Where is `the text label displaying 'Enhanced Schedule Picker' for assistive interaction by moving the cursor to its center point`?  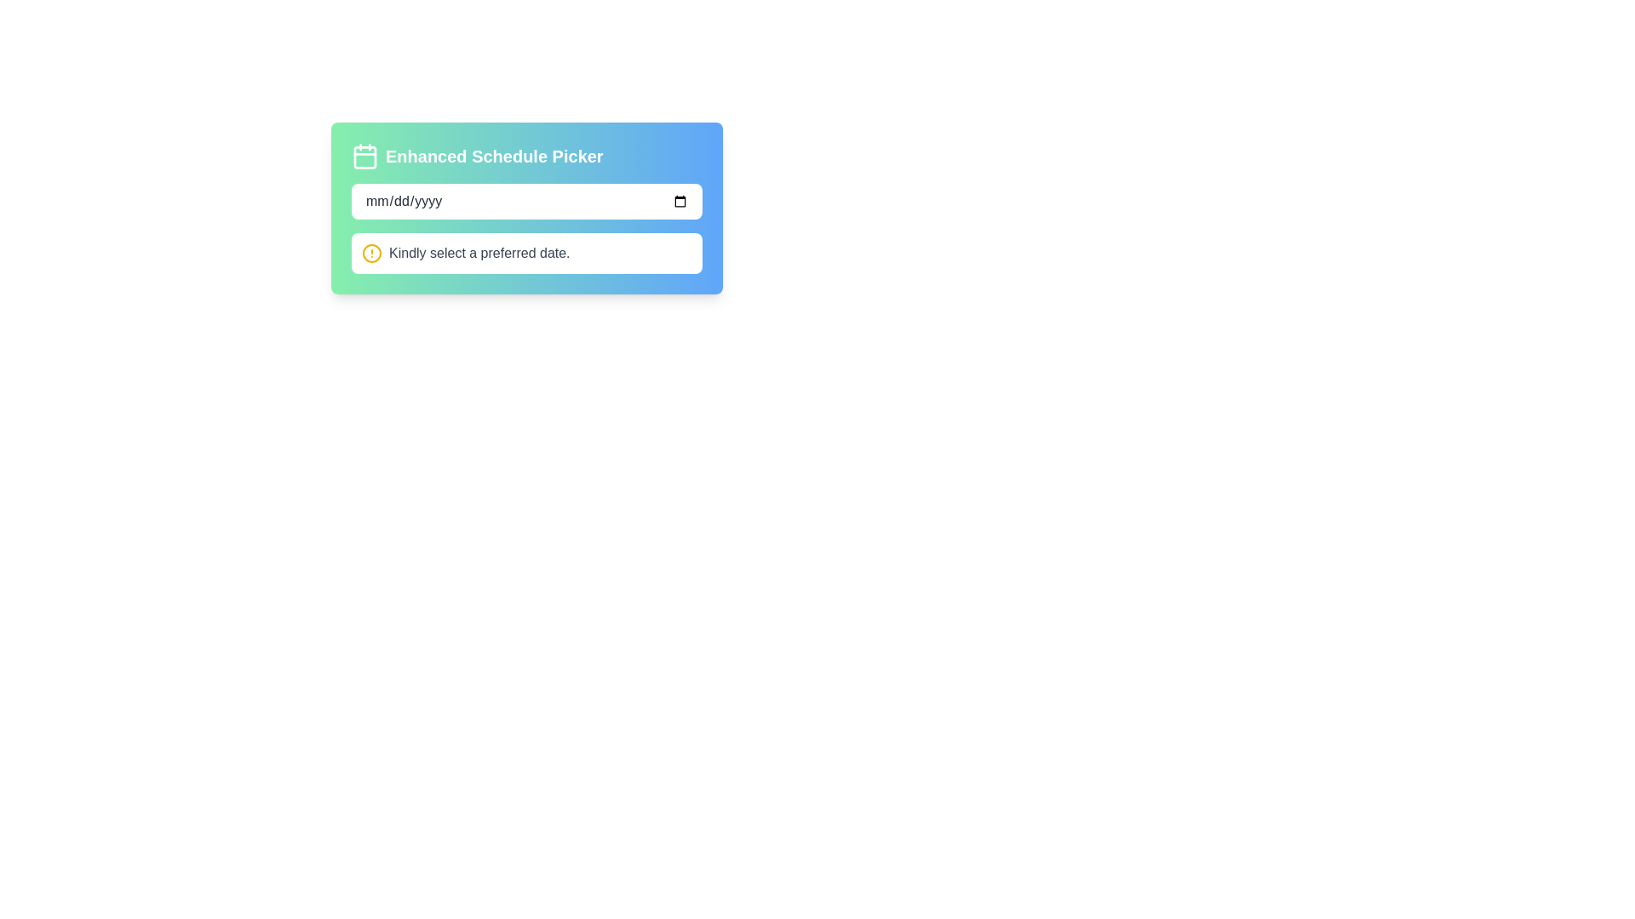 the text label displaying 'Enhanced Schedule Picker' for assistive interaction by moving the cursor to its center point is located at coordinates (493, 157).